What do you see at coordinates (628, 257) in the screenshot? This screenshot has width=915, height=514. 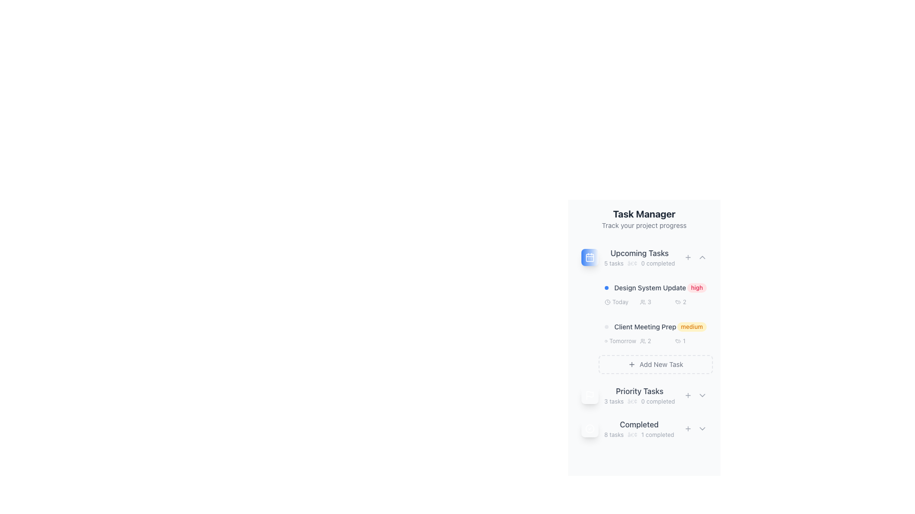 I see `the non-interactive informational widget that summarizes upcoming tasks, located under the 'Task Manager' header and above the task list` at bounding box center [628, 257].